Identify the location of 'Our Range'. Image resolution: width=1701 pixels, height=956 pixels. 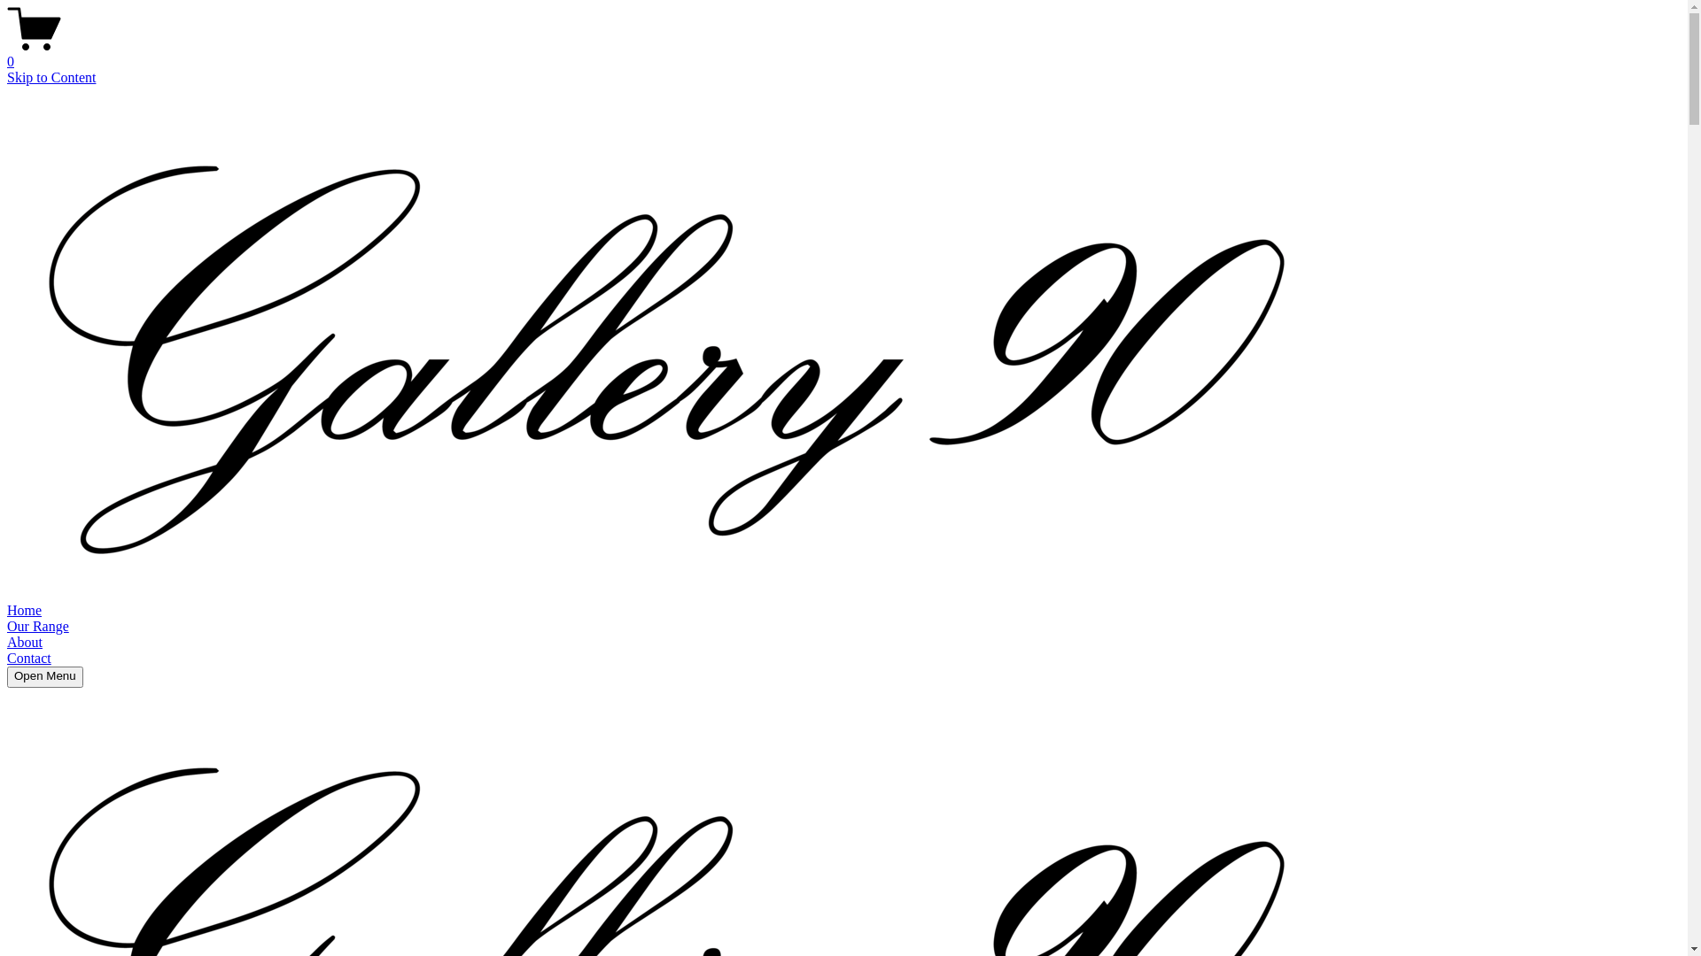
(38, 625).